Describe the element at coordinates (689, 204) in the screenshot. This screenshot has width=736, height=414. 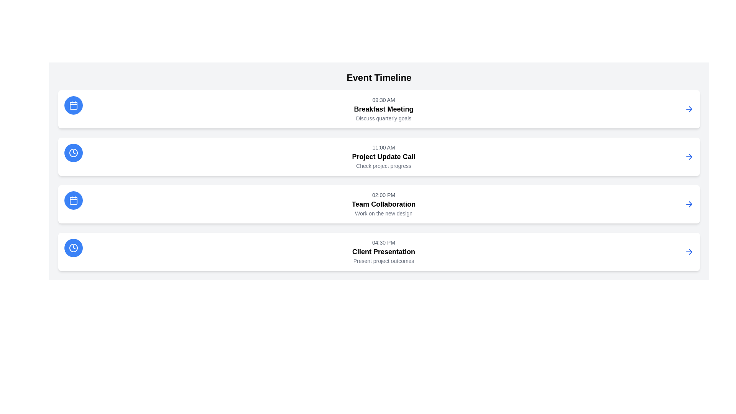
I see `the arrow icon for navigation located at the far right of the 'Team Collaboration: Work on the new design' event entry` at that location.